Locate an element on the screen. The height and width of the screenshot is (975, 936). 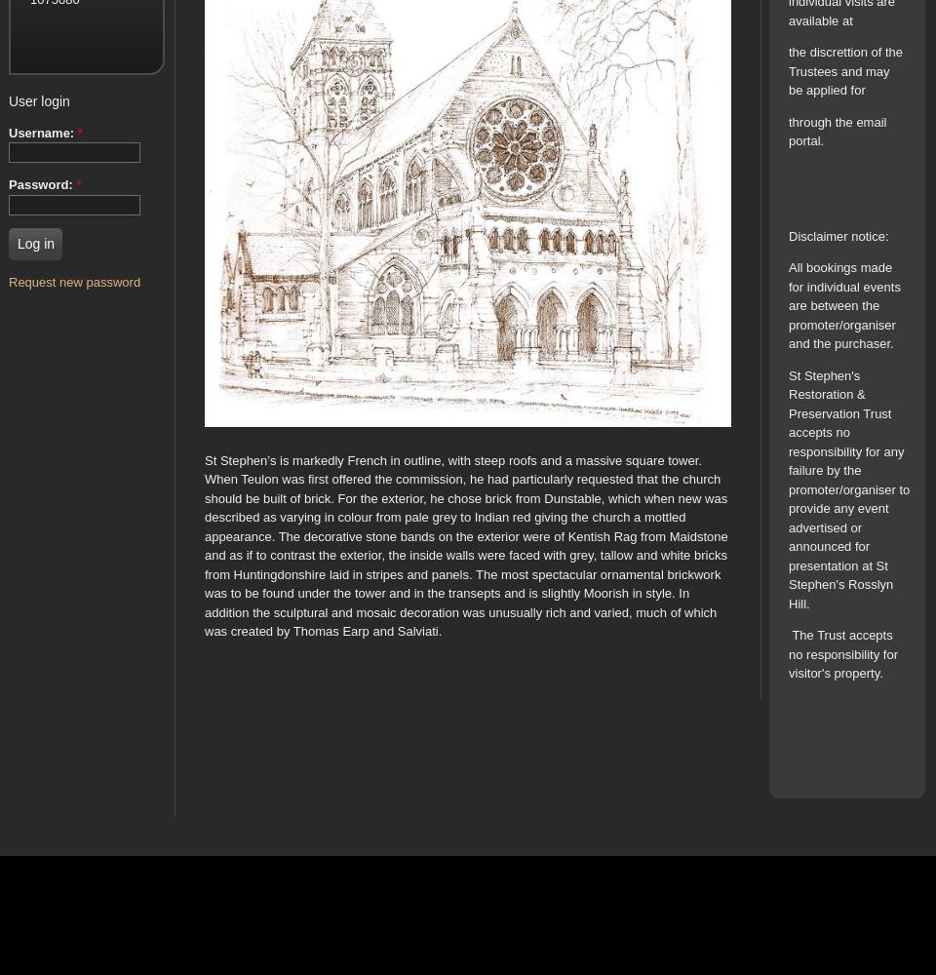
'Disclaimer notice:' is located at coordinates (837, 234).